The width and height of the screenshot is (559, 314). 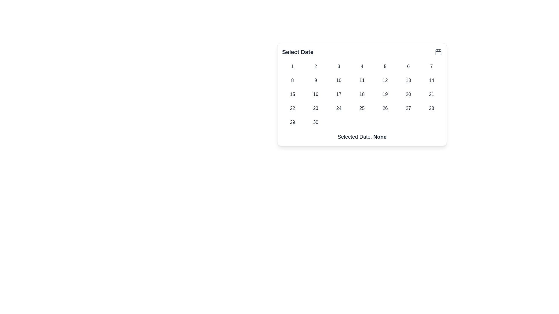 What do you see at coordinates (385, 108) in the screenshot?
I see `the circular button displaying '26' in the calendar grid, located in the fourth row and fifth column` at bounding box center [385, 108].